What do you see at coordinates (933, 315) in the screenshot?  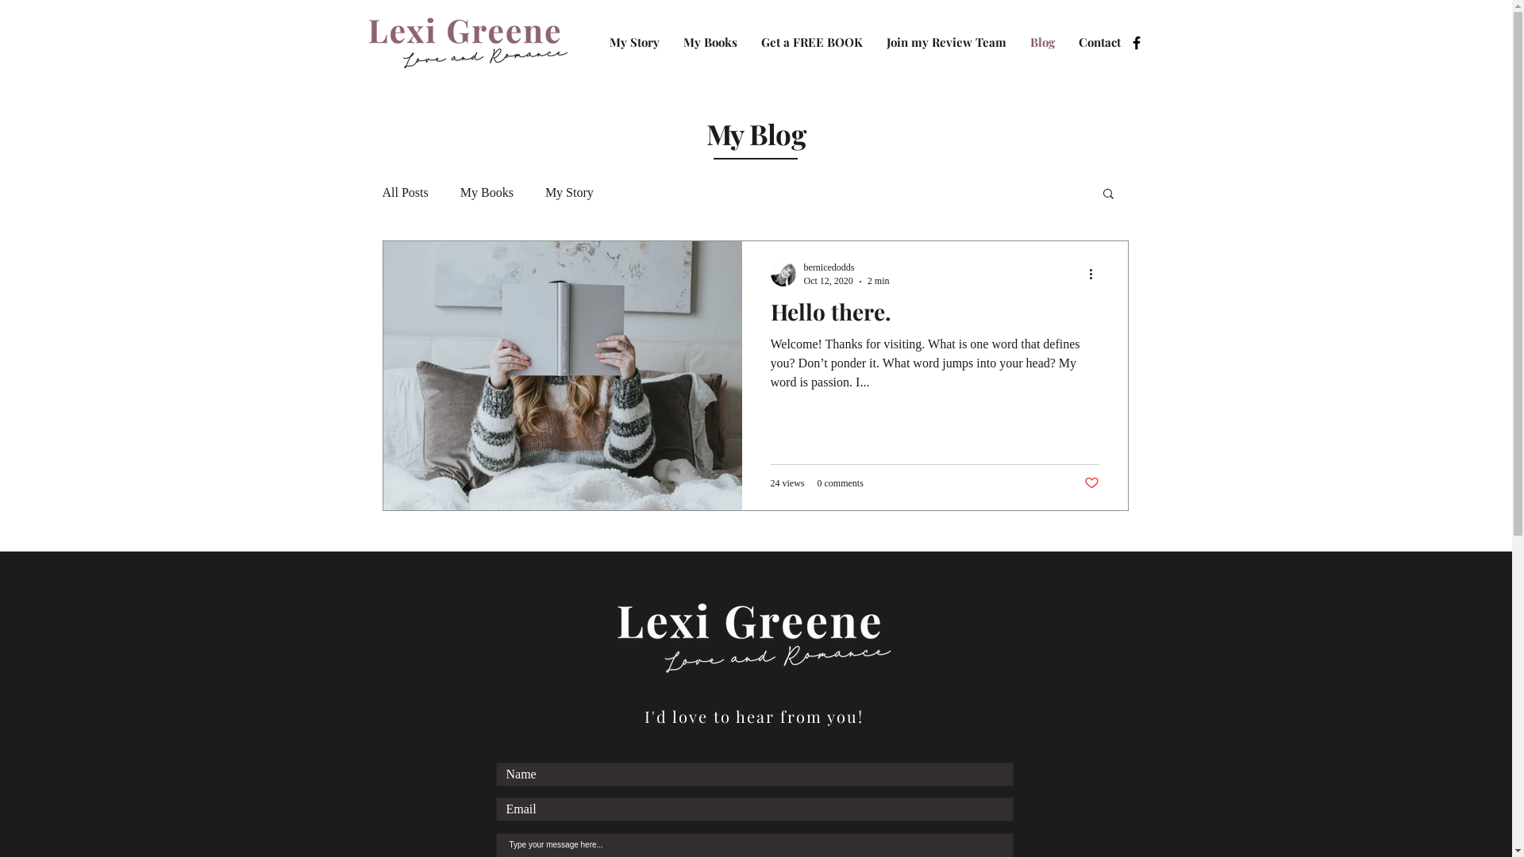 I see `'Hello there.'` at bounding box center [933, 315].